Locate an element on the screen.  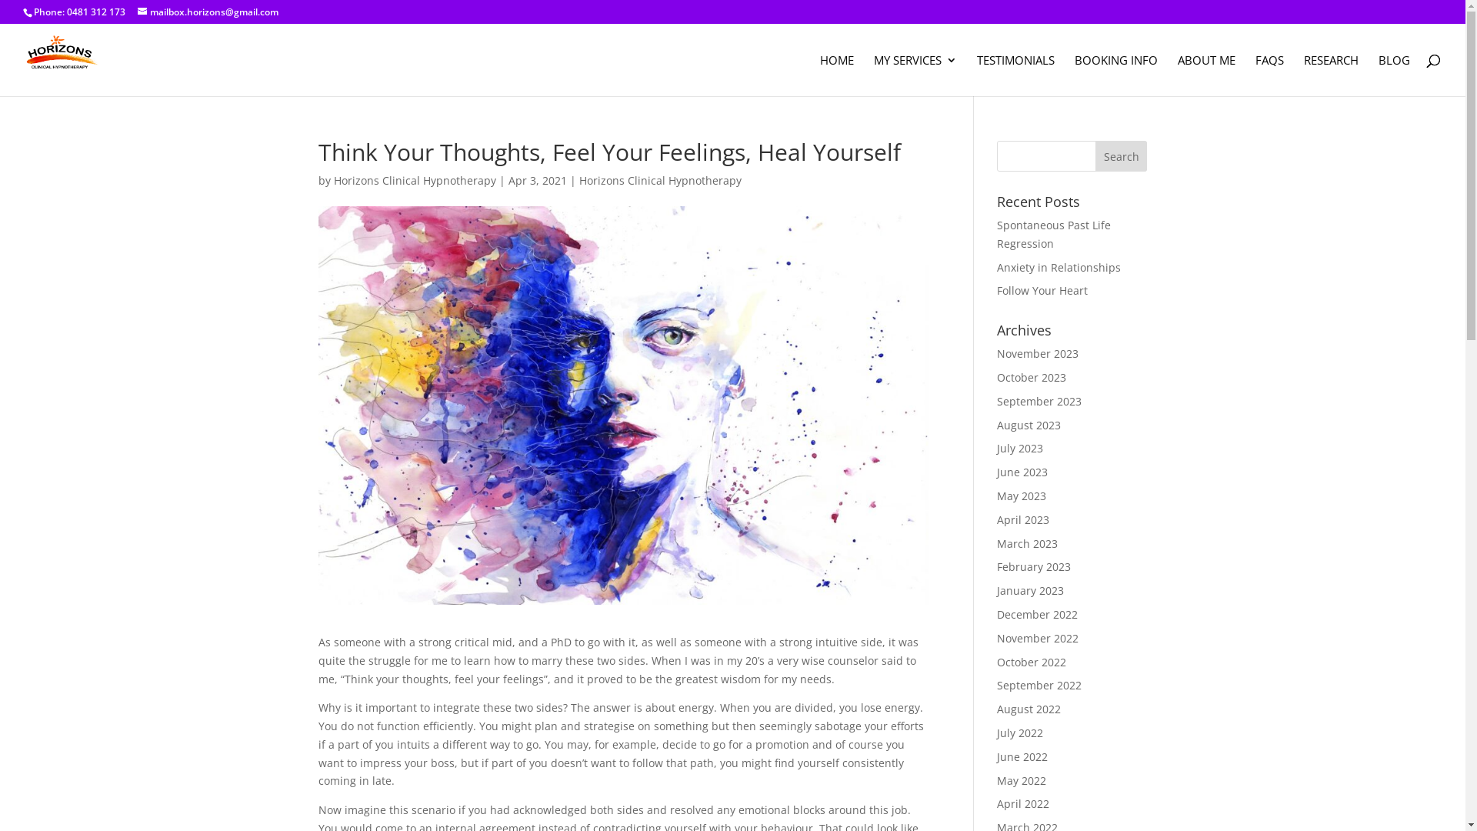
'HOME' is located at coordinates (836, 75).